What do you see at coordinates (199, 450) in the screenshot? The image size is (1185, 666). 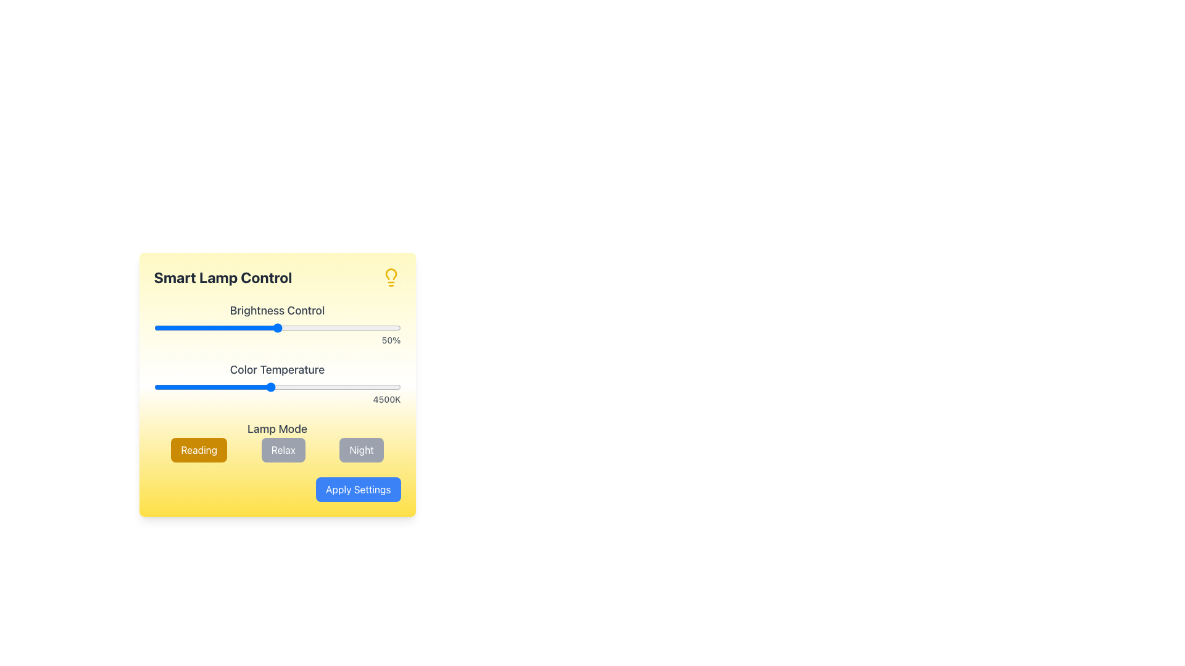 I see `the 'Reading' mode button in the 'Lamp Mode' section` at bounding box center [199, 450].